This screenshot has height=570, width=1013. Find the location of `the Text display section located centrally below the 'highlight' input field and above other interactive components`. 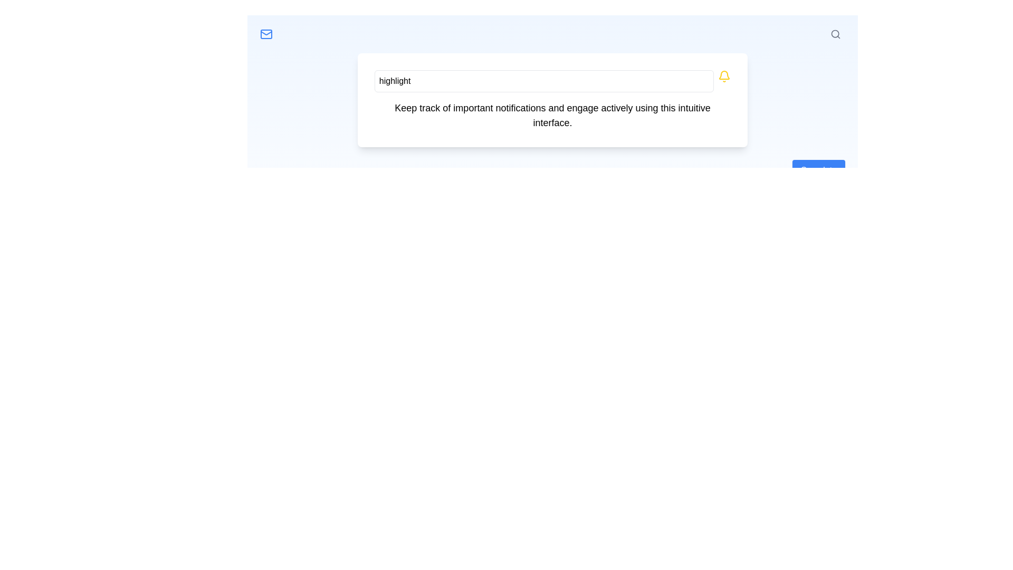

the Text display section located centrally below the 'highlight' input field and above other interactive components is located at coordinates (552, 100).